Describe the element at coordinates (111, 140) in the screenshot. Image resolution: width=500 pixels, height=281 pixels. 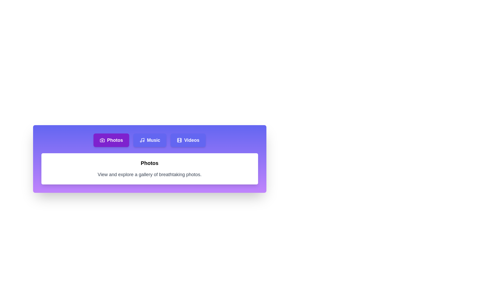
I see `the Photos tab to analyze its transition effect` at that location.